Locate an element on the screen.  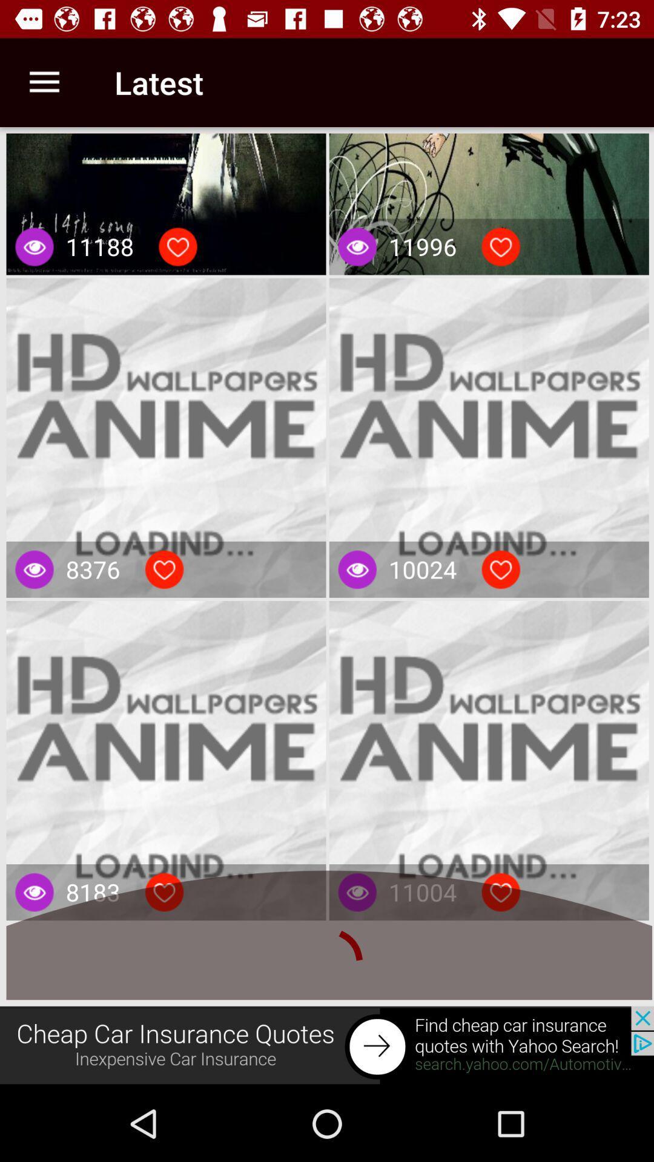
like is located at coordinates (164, 892).